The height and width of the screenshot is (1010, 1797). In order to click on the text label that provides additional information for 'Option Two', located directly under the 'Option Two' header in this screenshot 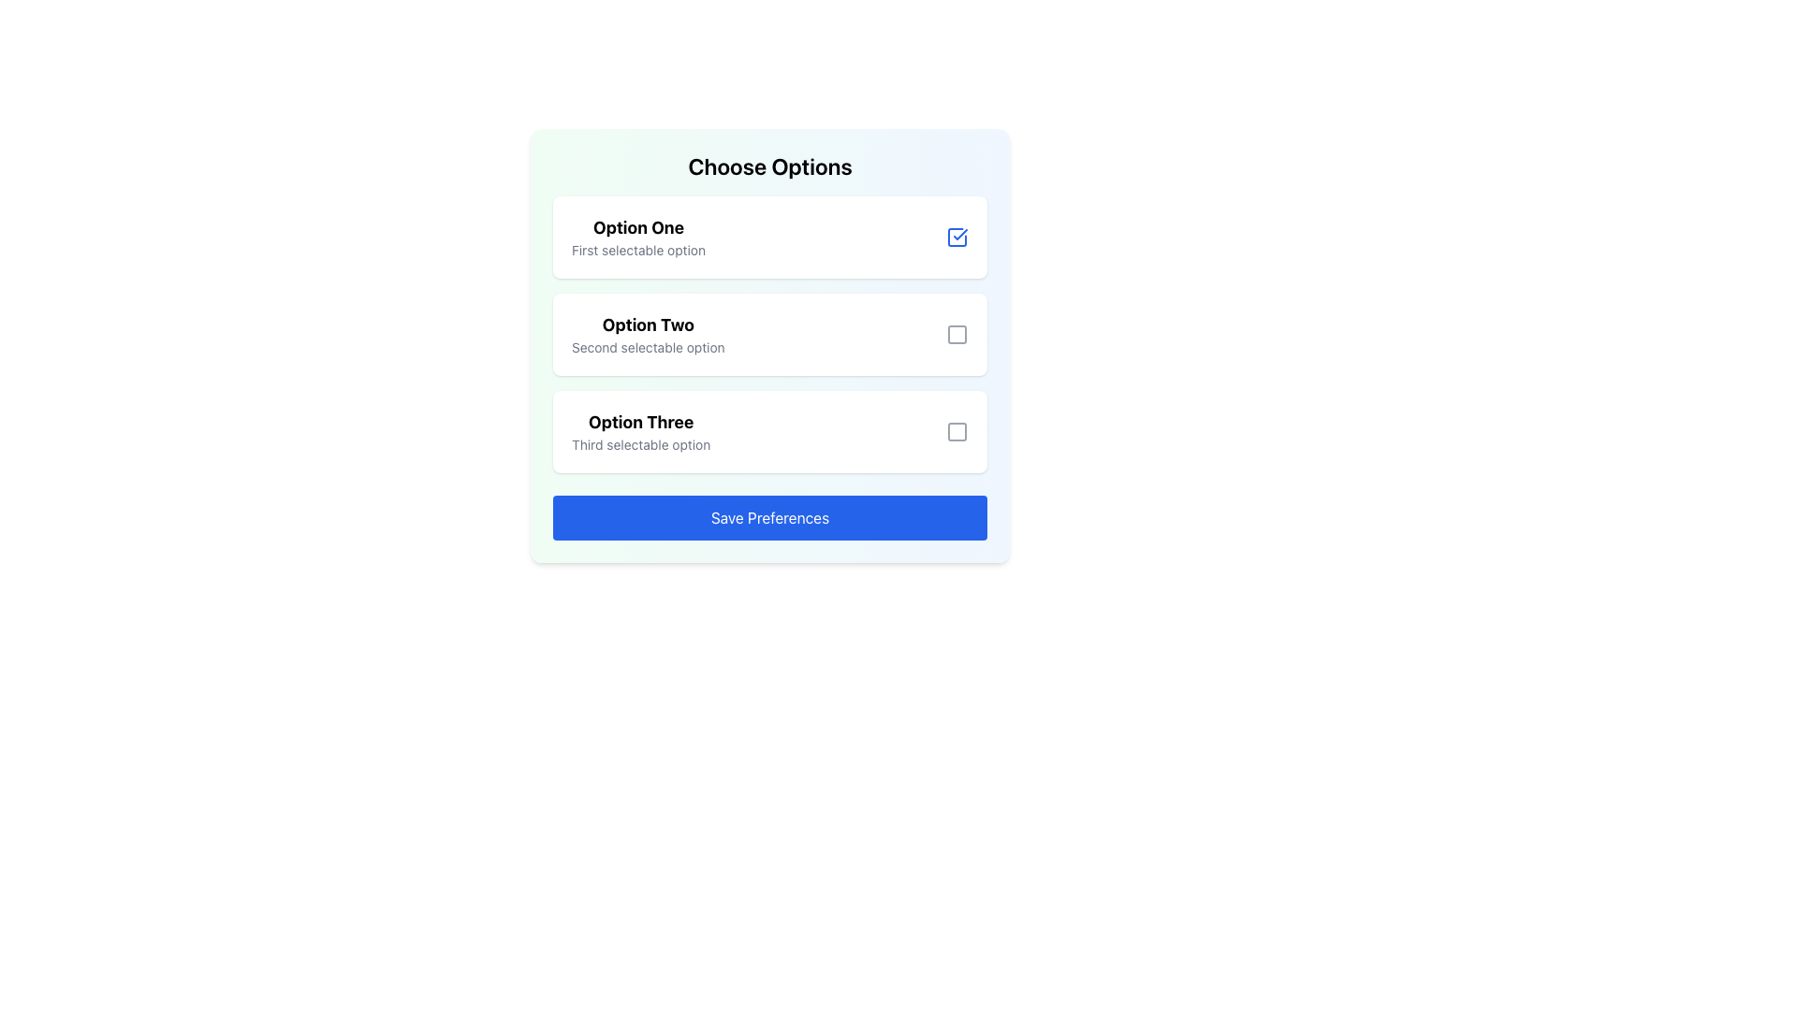, I will do `click(648, 347)`.